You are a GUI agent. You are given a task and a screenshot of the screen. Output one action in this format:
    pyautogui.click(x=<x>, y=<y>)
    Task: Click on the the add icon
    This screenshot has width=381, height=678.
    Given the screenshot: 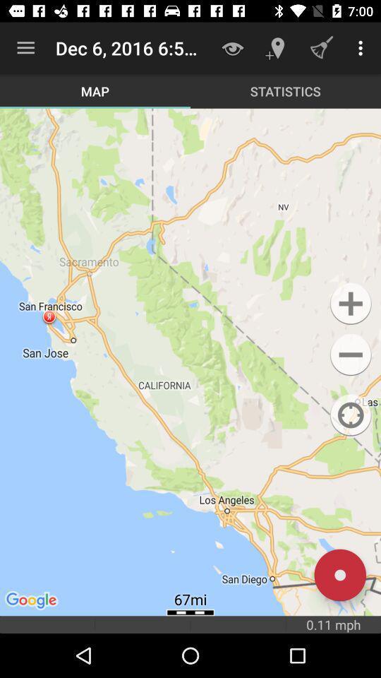 What is the action you would take?
    pyautogui.click(x=350, y=304)
    